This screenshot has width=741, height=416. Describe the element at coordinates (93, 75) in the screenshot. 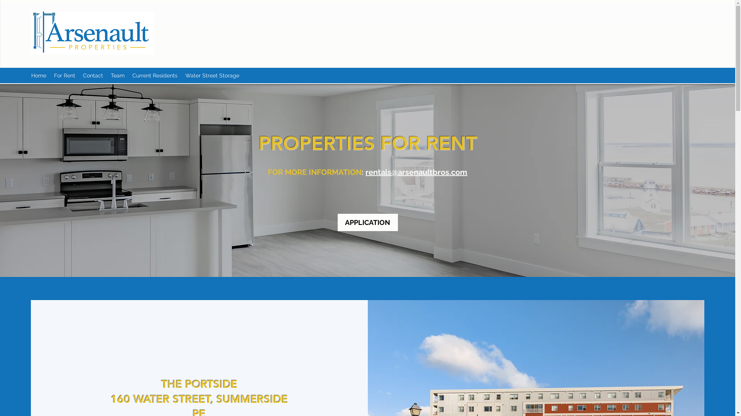

I see `'Contact'` at that location.